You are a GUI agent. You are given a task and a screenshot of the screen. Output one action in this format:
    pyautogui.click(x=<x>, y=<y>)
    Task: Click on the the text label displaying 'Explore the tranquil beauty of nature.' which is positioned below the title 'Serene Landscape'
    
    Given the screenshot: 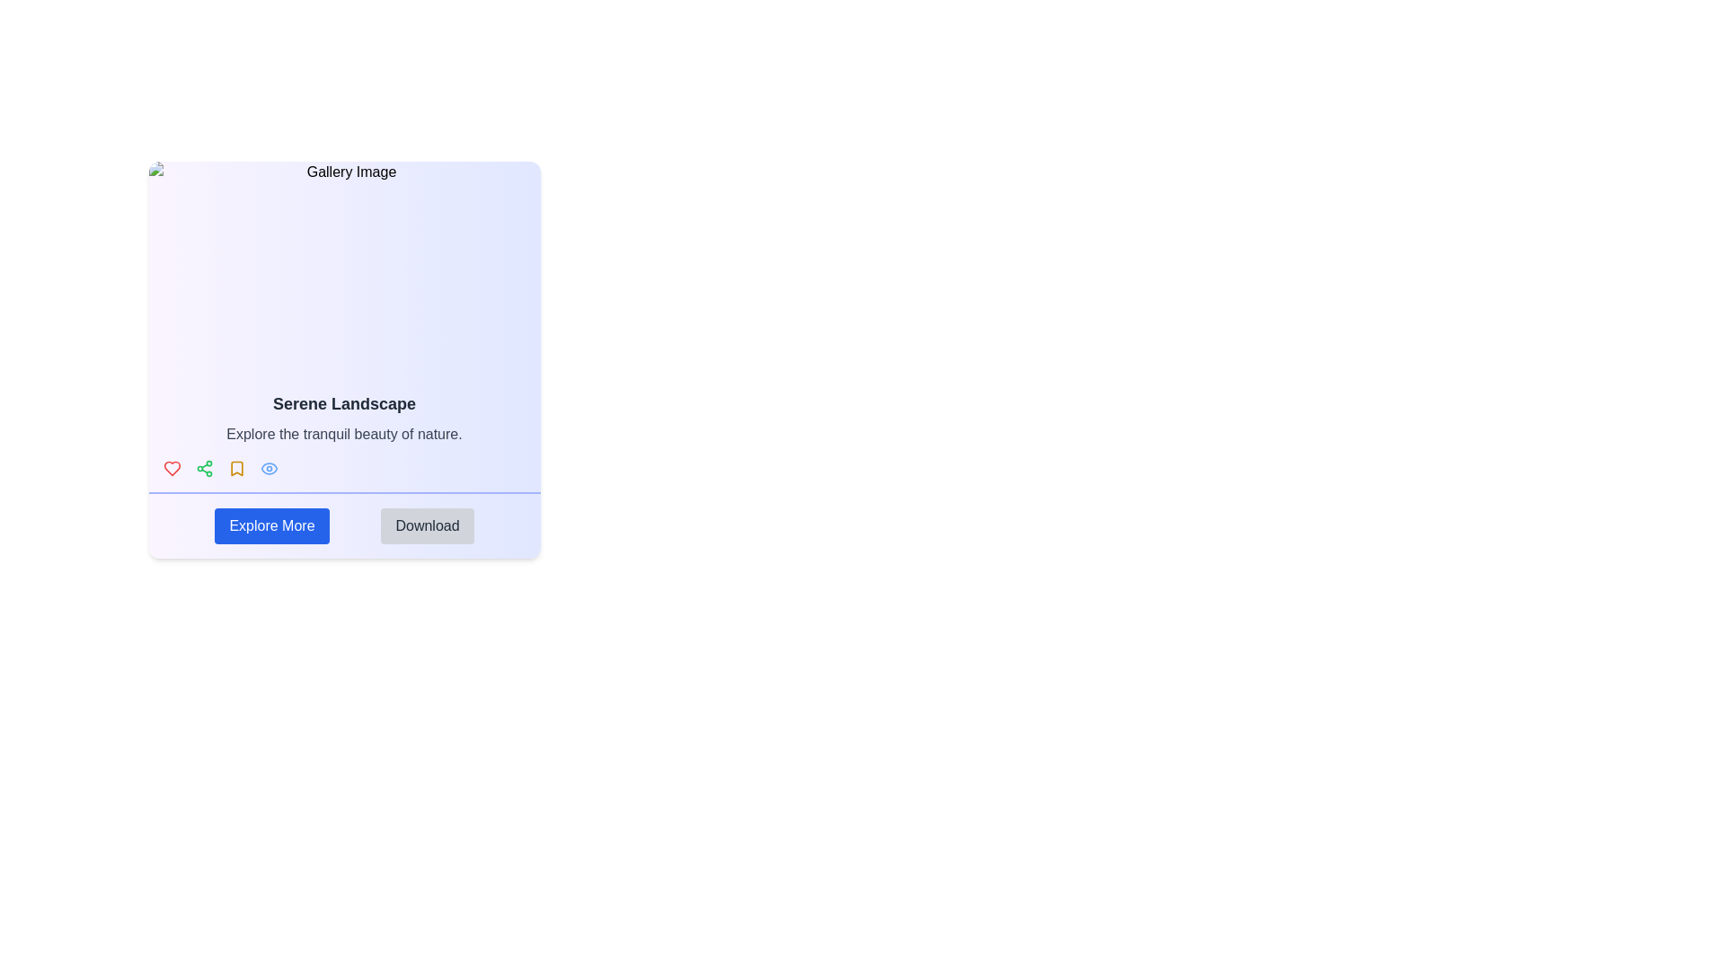 What is the action you would take?
    pyautogui.click(x=344, y=434)
    